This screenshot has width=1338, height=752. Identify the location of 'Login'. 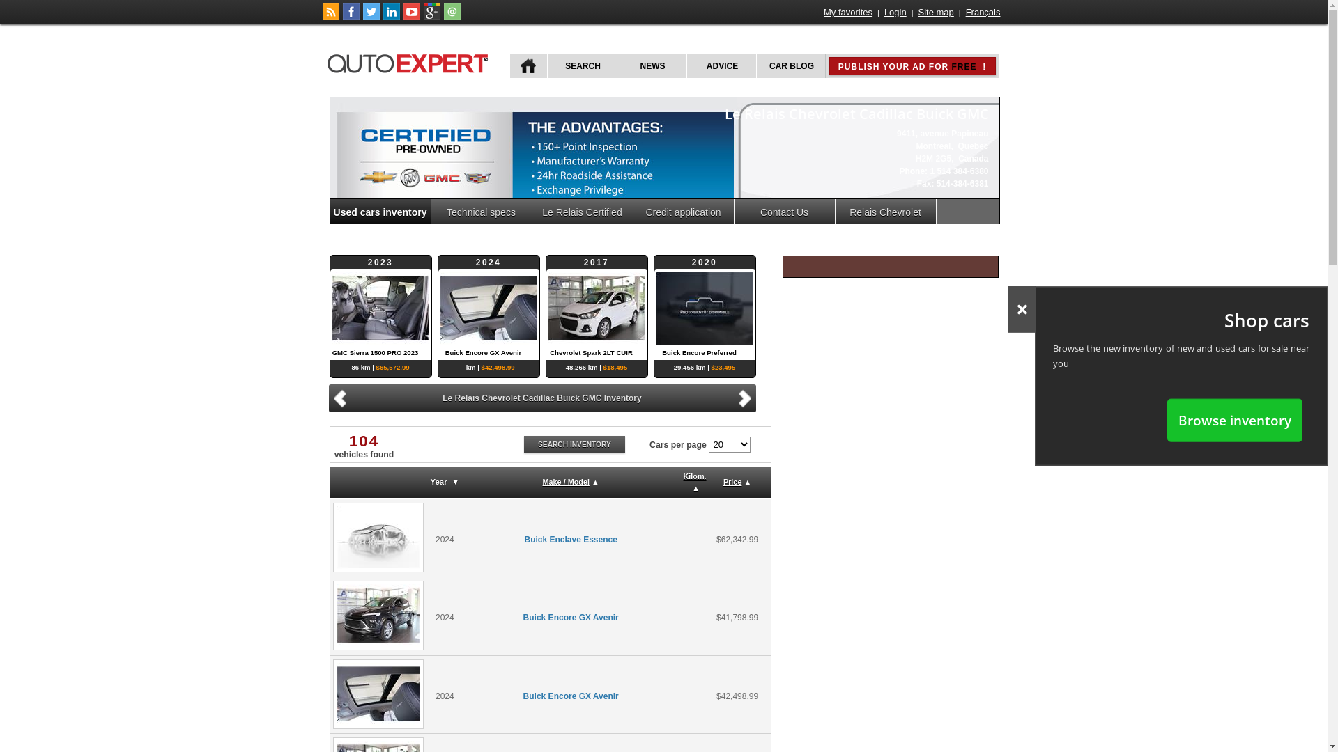
(882, 12).